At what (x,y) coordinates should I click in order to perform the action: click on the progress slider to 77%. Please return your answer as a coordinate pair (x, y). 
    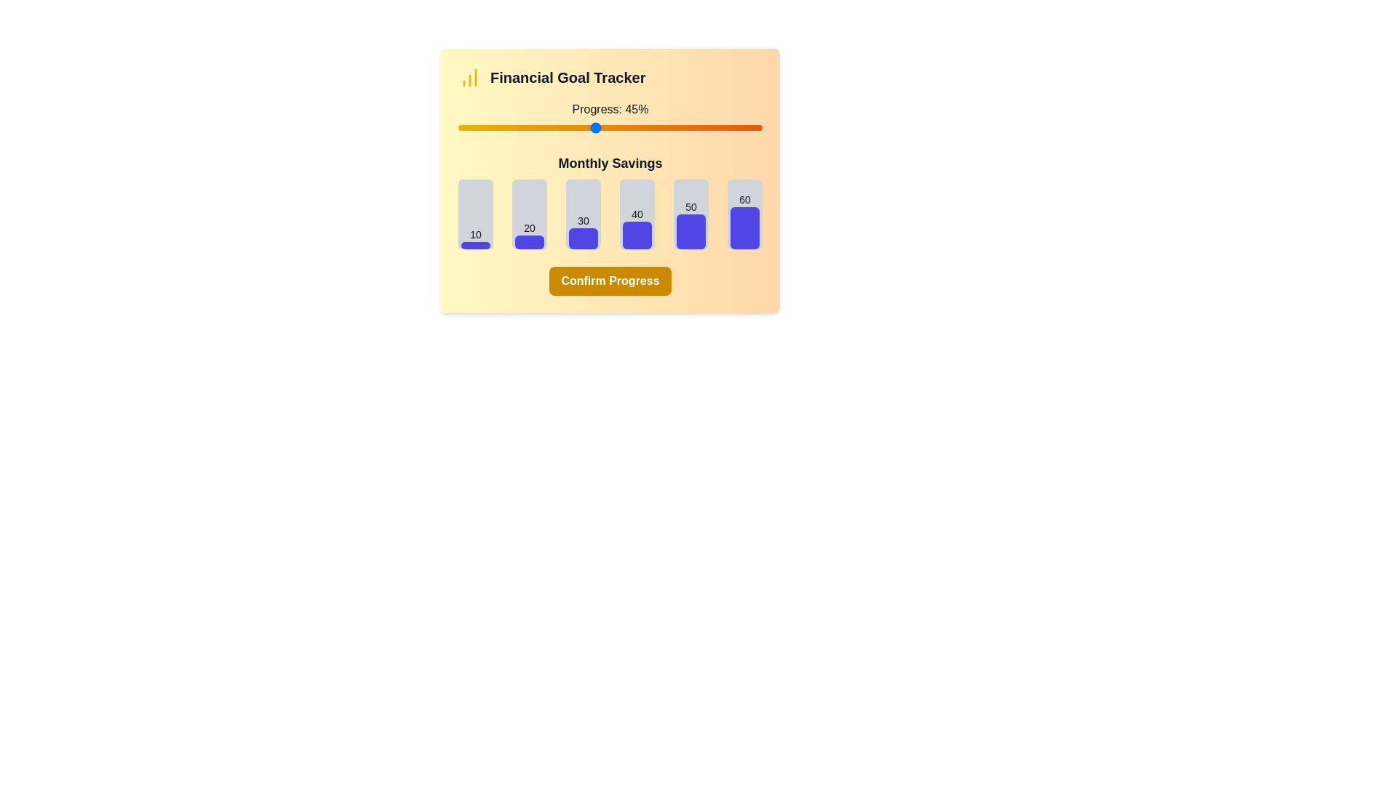
    Looking at the image, I should click on (691, 127).